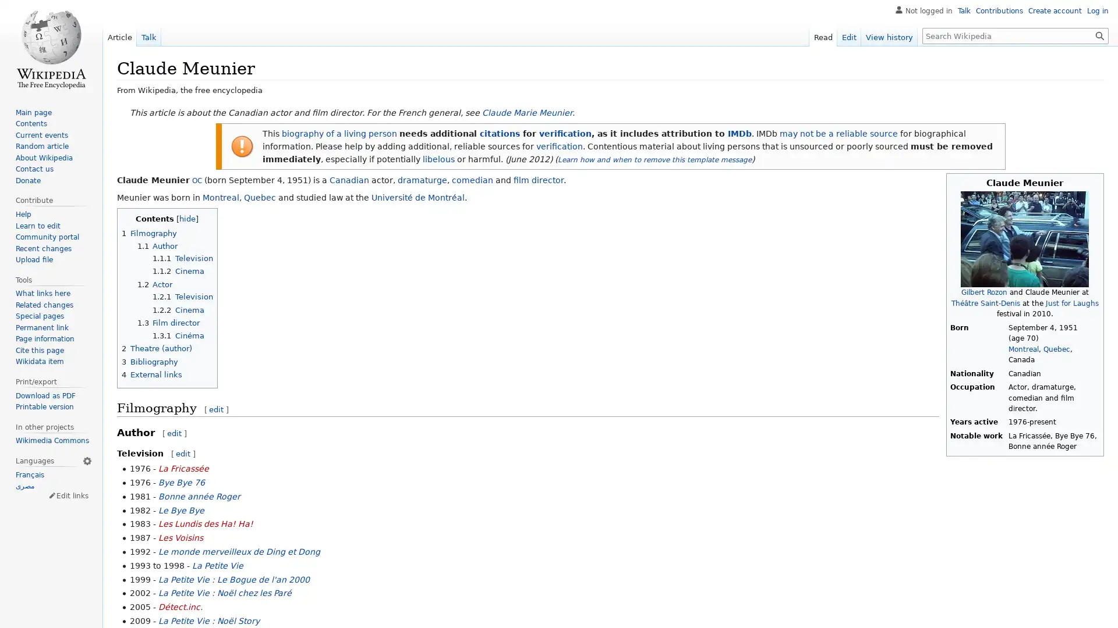  I want to click on Language settings, so click(86, 459).